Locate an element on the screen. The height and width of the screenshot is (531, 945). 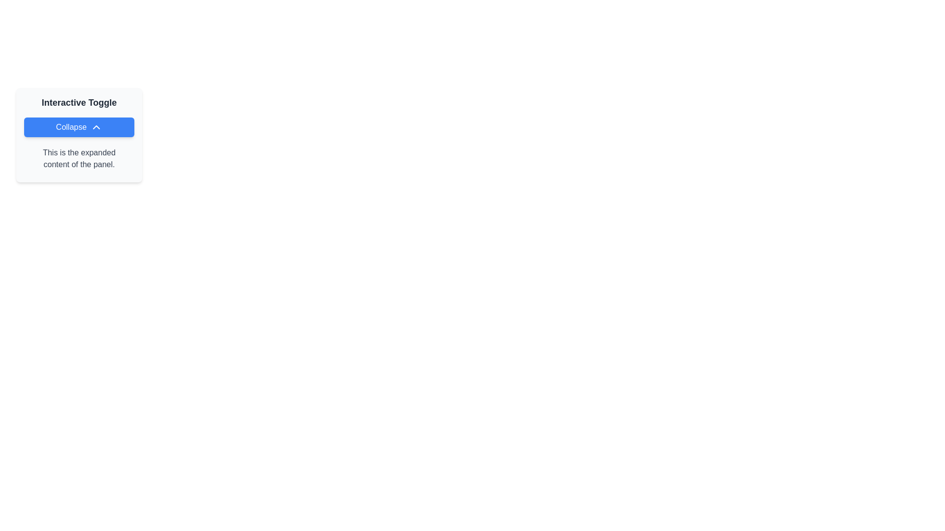
the small, upward-facing chevron icon located inside the 'Collapse' button, positioned to the right side of the 'Collapse' label is located at coordinates (96, 126).